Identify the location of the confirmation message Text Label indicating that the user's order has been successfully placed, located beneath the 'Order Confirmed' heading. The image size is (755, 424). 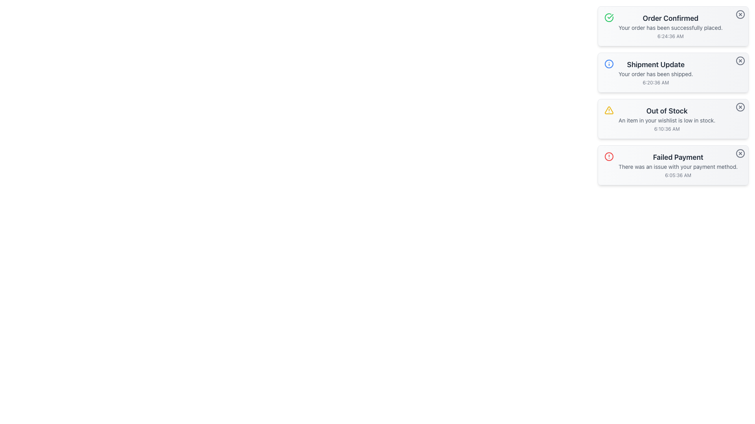
(670, 27).